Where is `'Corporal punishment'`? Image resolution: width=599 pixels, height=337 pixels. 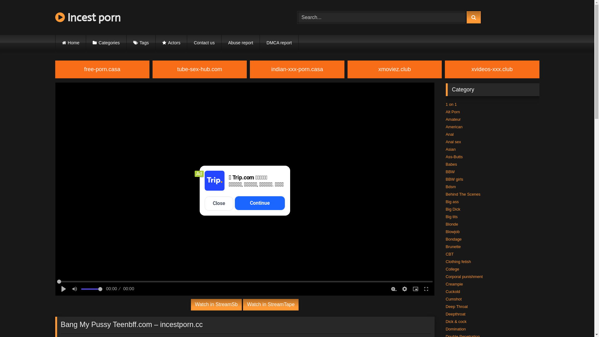
'Corporal punishment' is located at coordinates (445, 276).